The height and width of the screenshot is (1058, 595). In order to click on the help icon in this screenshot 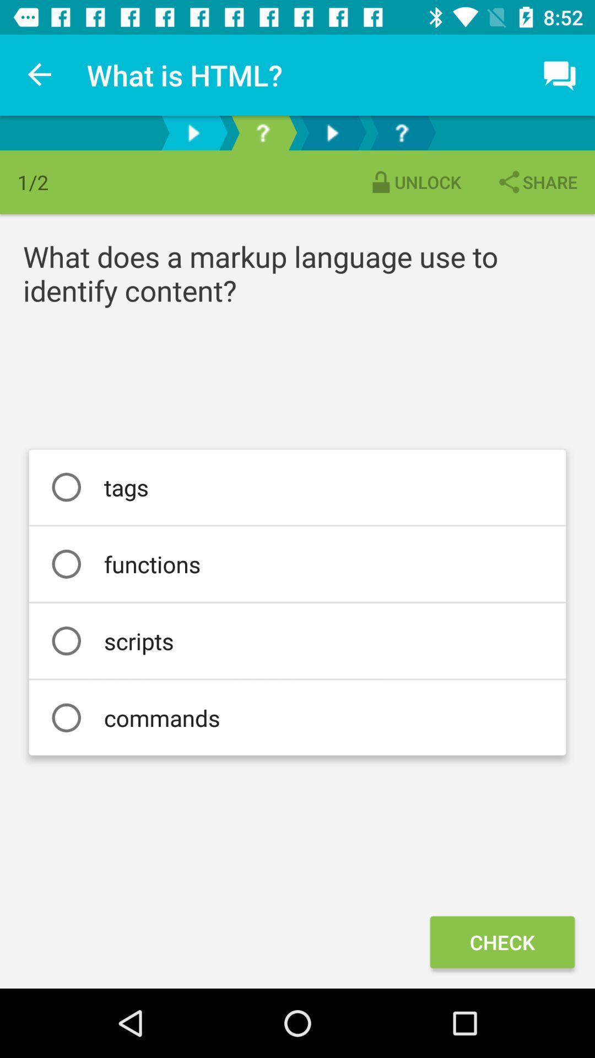, I will do `click(263, 132)`.